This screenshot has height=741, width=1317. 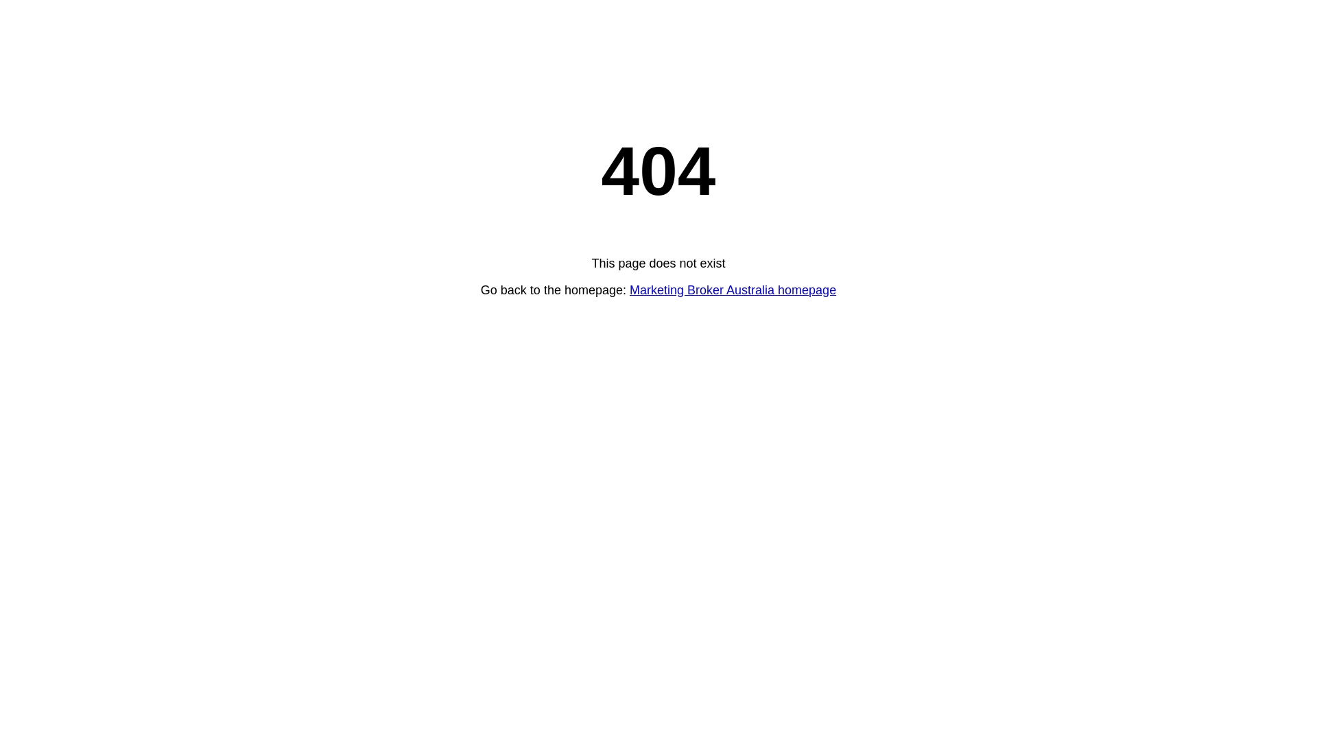 What do you see at coordinates (732, 290) in the screenshot?
I see `'Marketing Broker Australia homepage'` at bounding box center [732, 290].